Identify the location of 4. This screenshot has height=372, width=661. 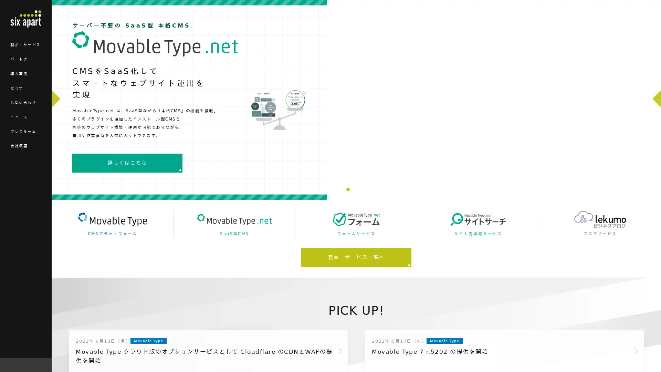
(364, 189).